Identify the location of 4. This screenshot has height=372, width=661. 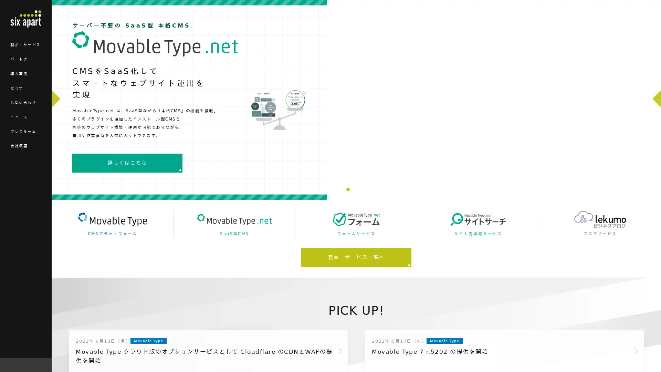
(364, 189).